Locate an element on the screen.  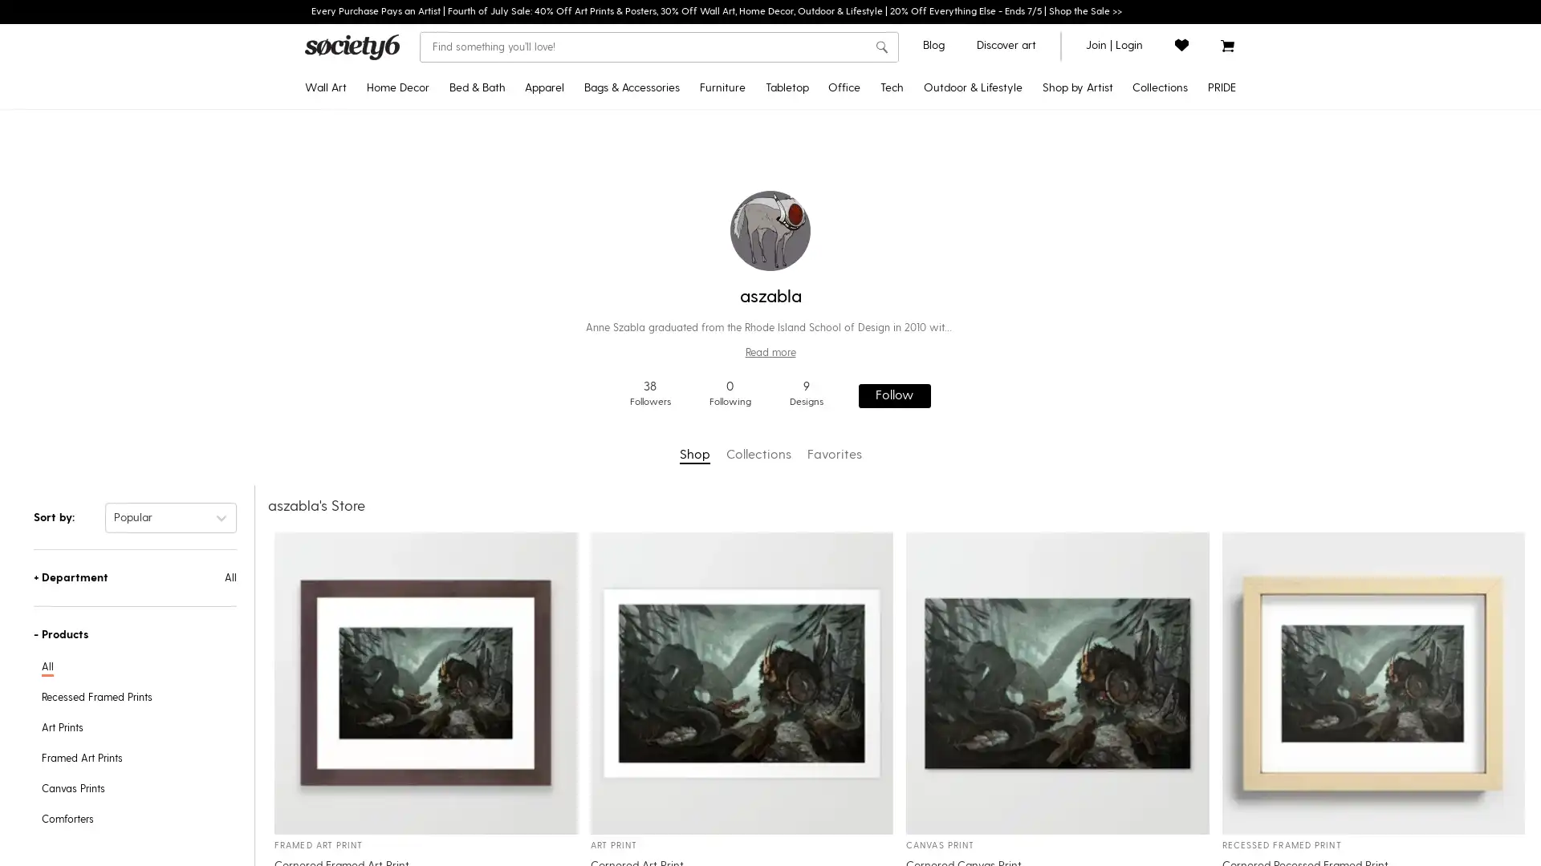
Pride Gear is located at coordinates (1157, 180).